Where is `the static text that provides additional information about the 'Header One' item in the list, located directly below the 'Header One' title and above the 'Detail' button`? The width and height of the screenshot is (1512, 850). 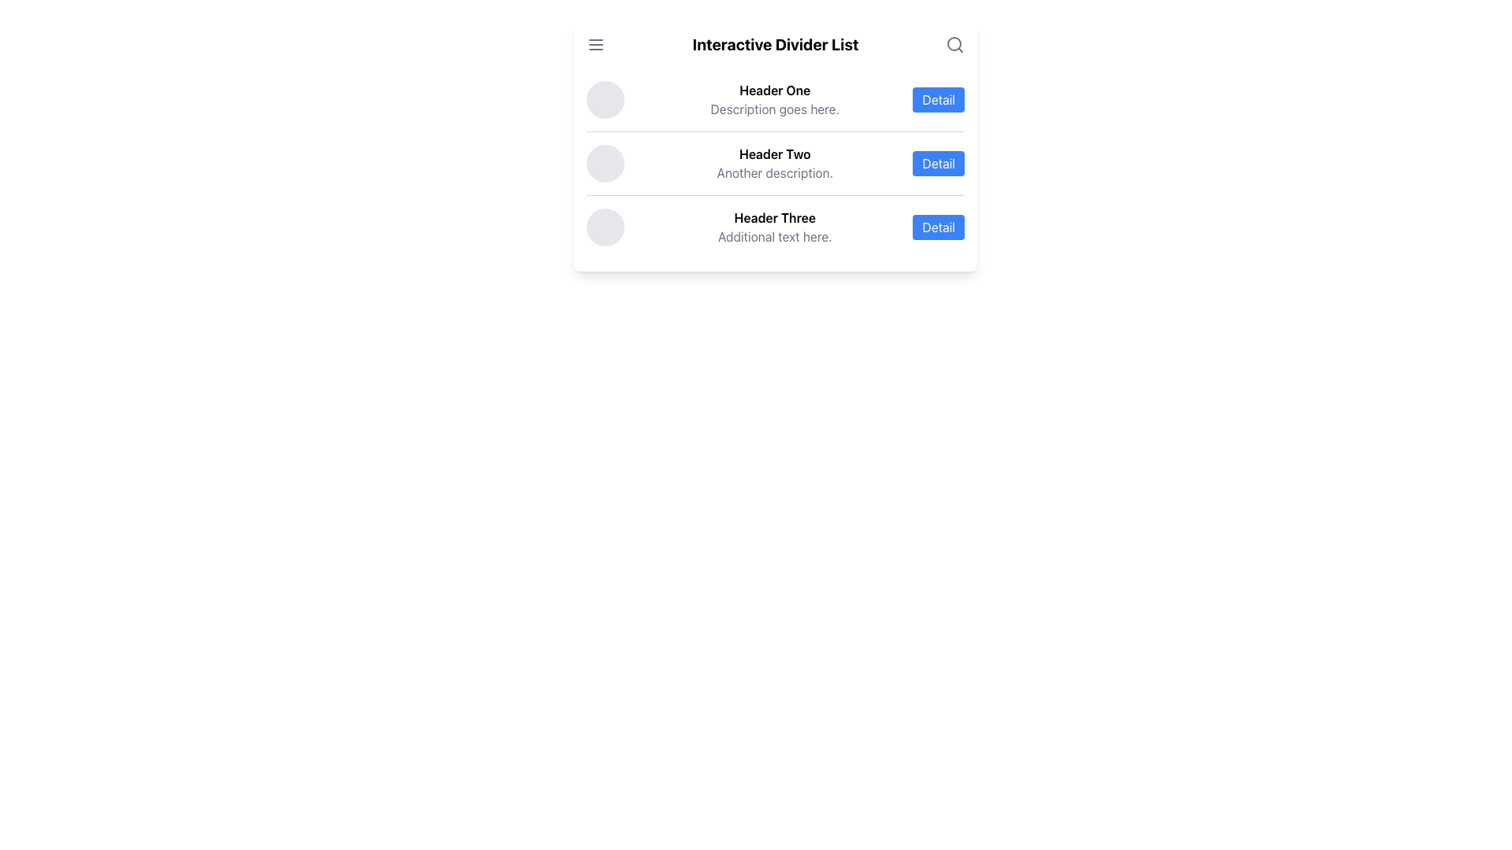
the static text that provides additional information about the 'Header One' item in the list, located directly below the 'Header One' title and above the 'Detail' button is located at coordinates (775, 108).